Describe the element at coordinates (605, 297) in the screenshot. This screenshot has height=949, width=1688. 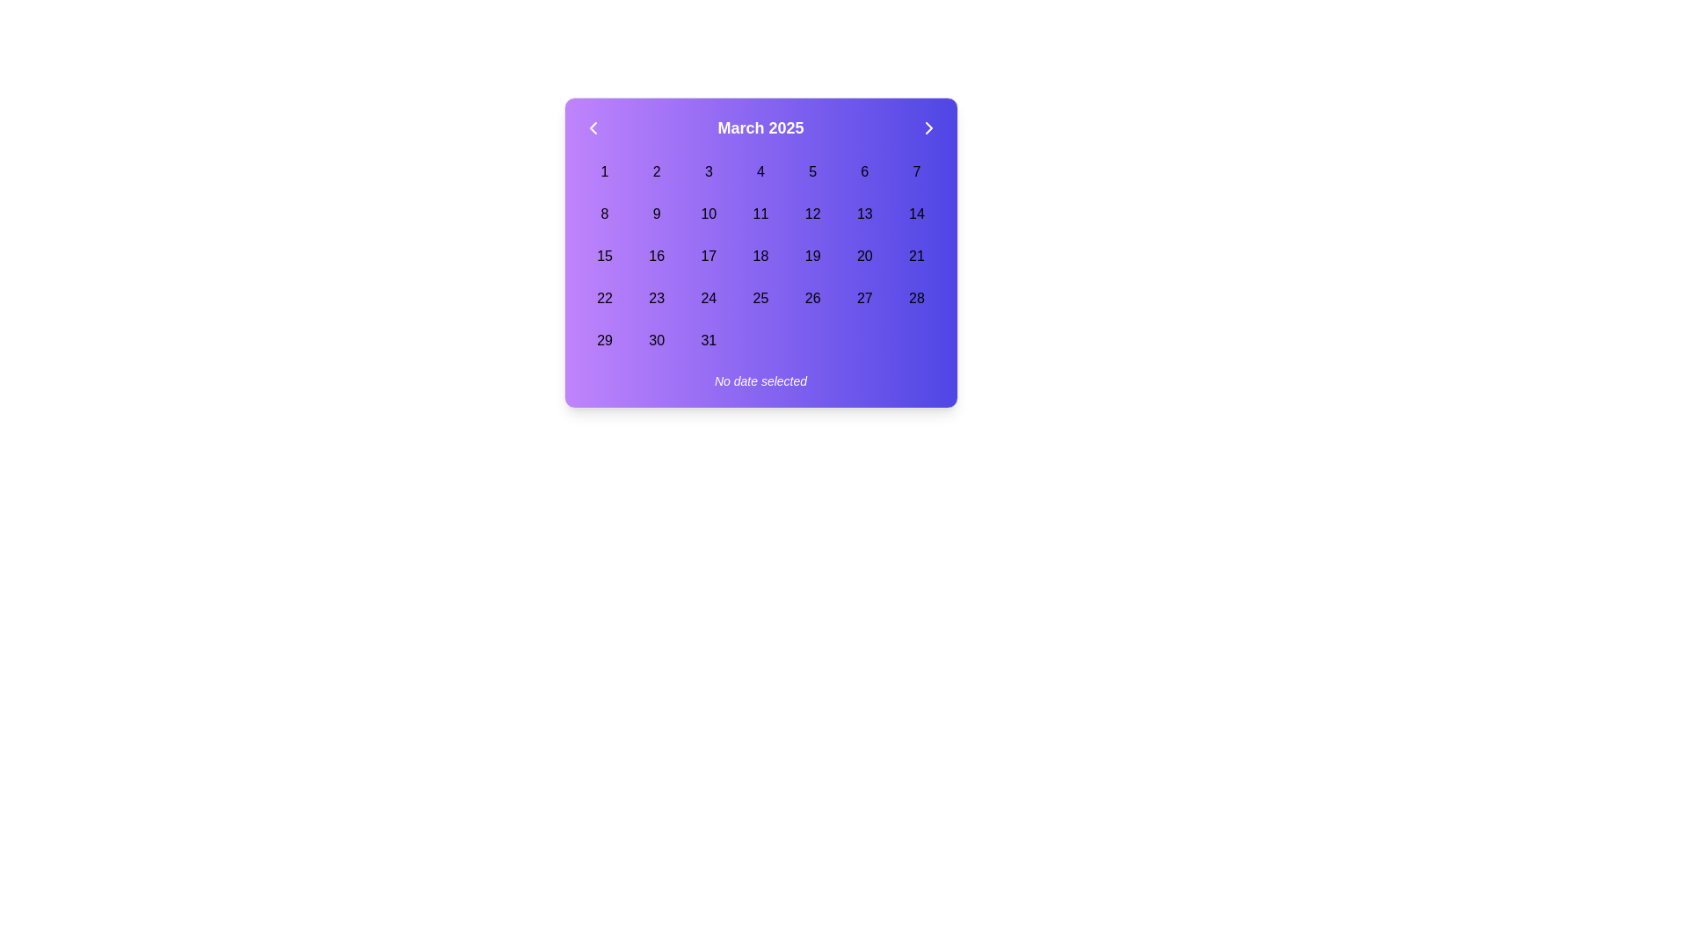
I see `the button representing the date '22' in the March 2025 calendar` at that location.